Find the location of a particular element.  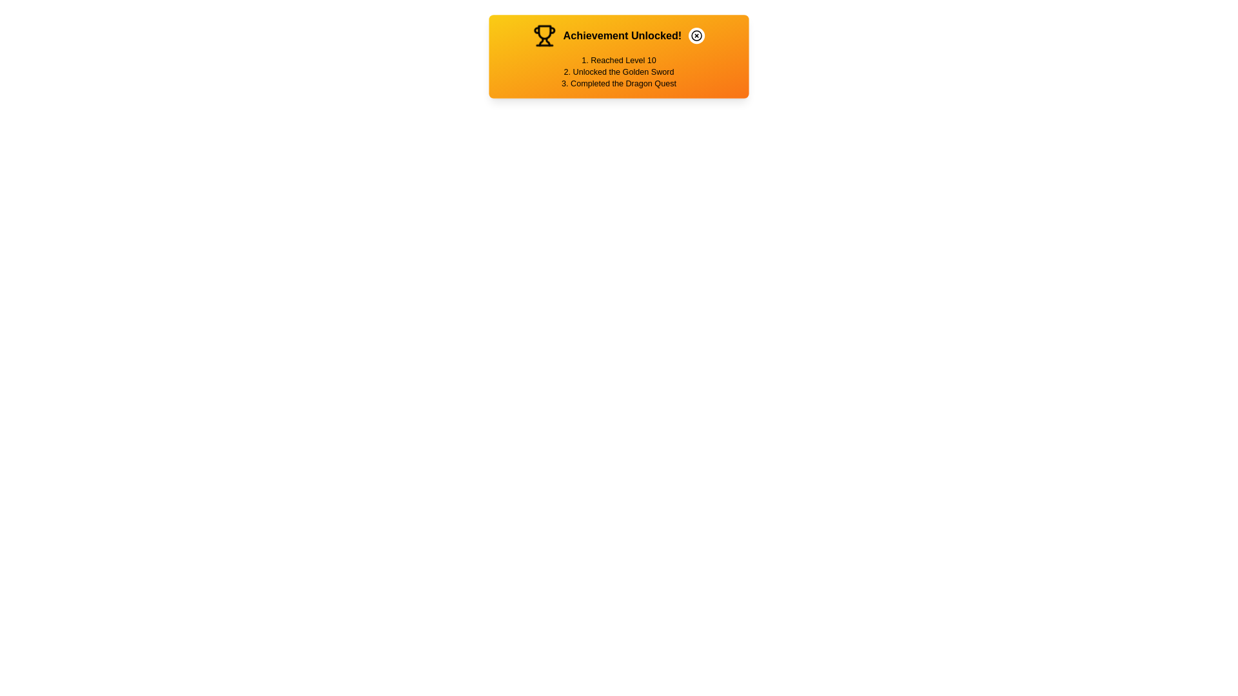

the close button to dismiss the alert is located at coordinates (696, 35).